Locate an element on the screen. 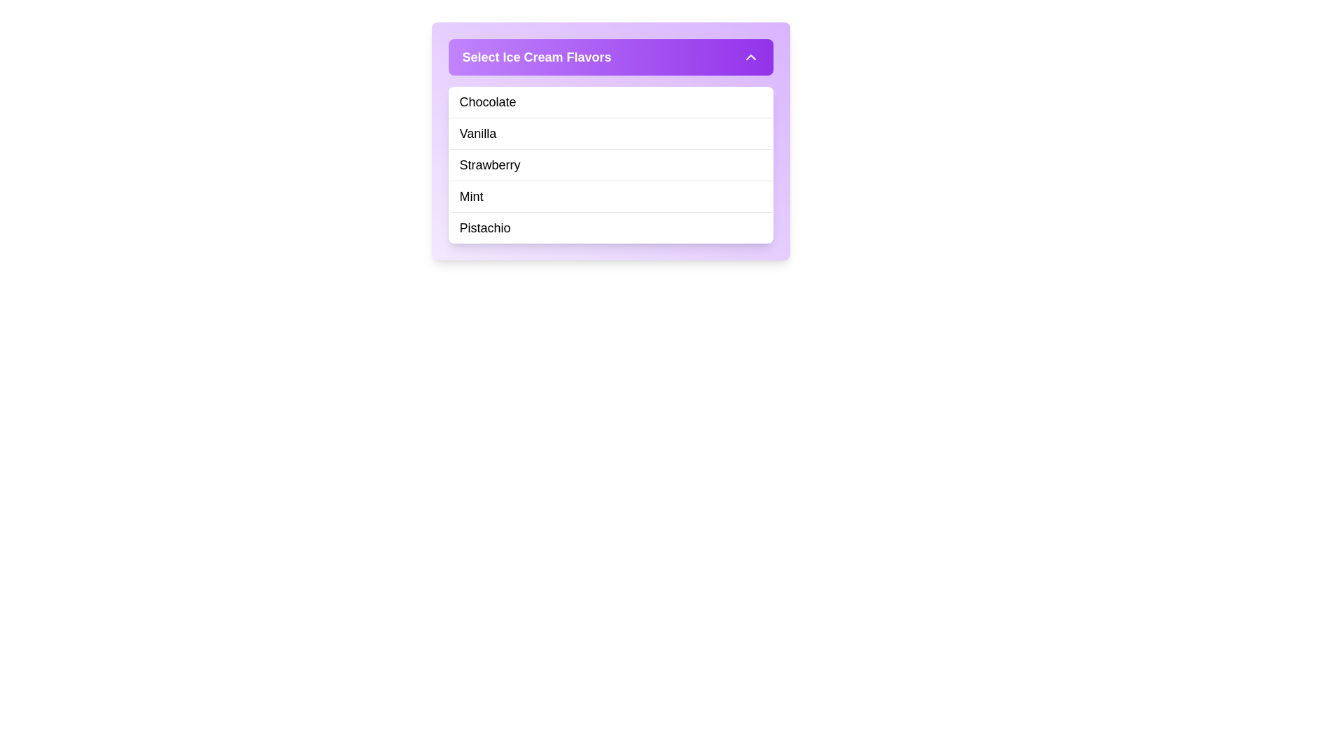 This screenshot has height=756, width=1344. the Dropdown Header element is located at coordinates (610, 56).